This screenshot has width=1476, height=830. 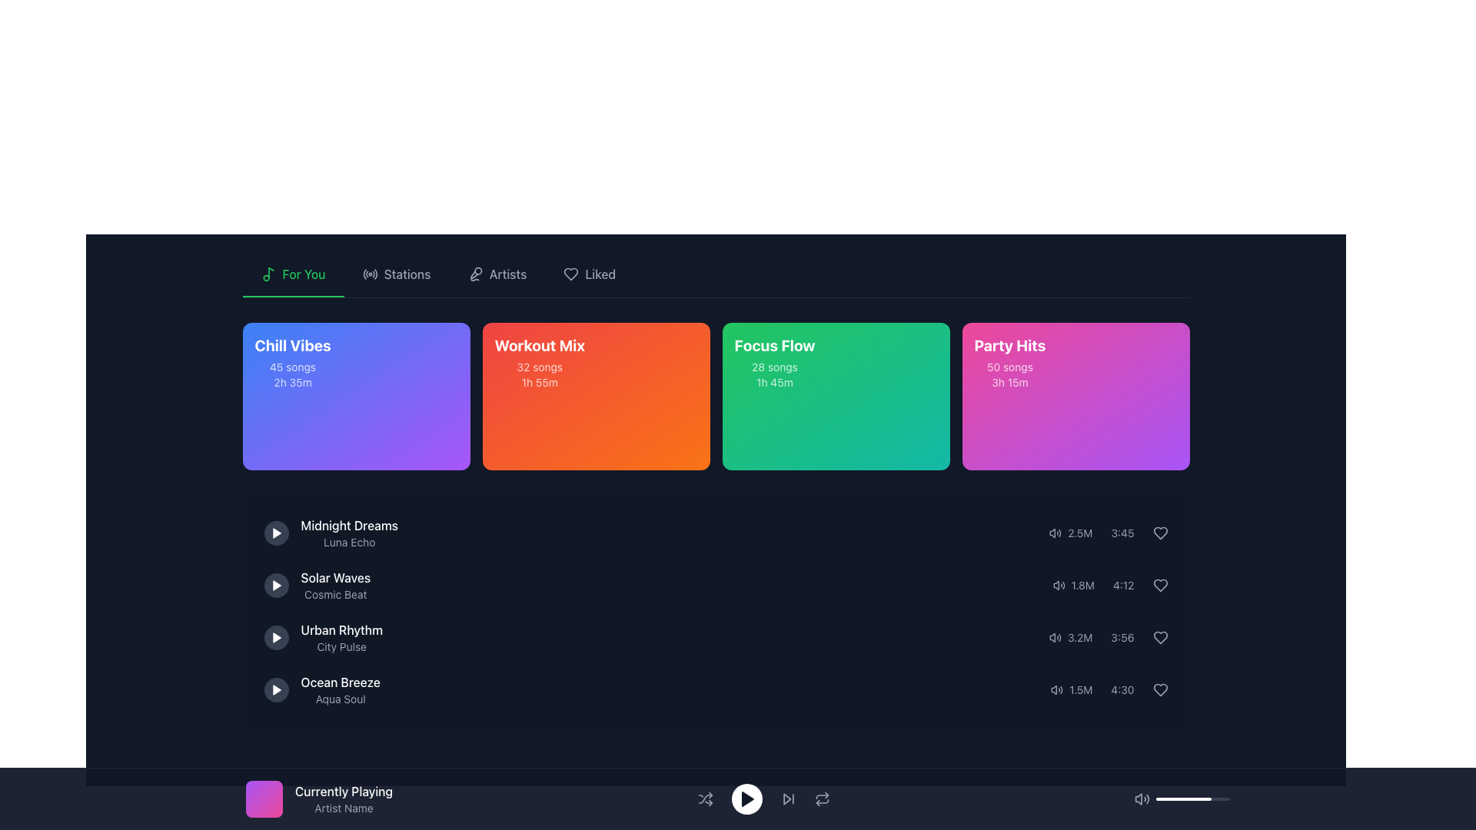 What do you see at coordinates (1164, 798) in the screenshot?
I see `the slider` at bounding box center [1164, 798].